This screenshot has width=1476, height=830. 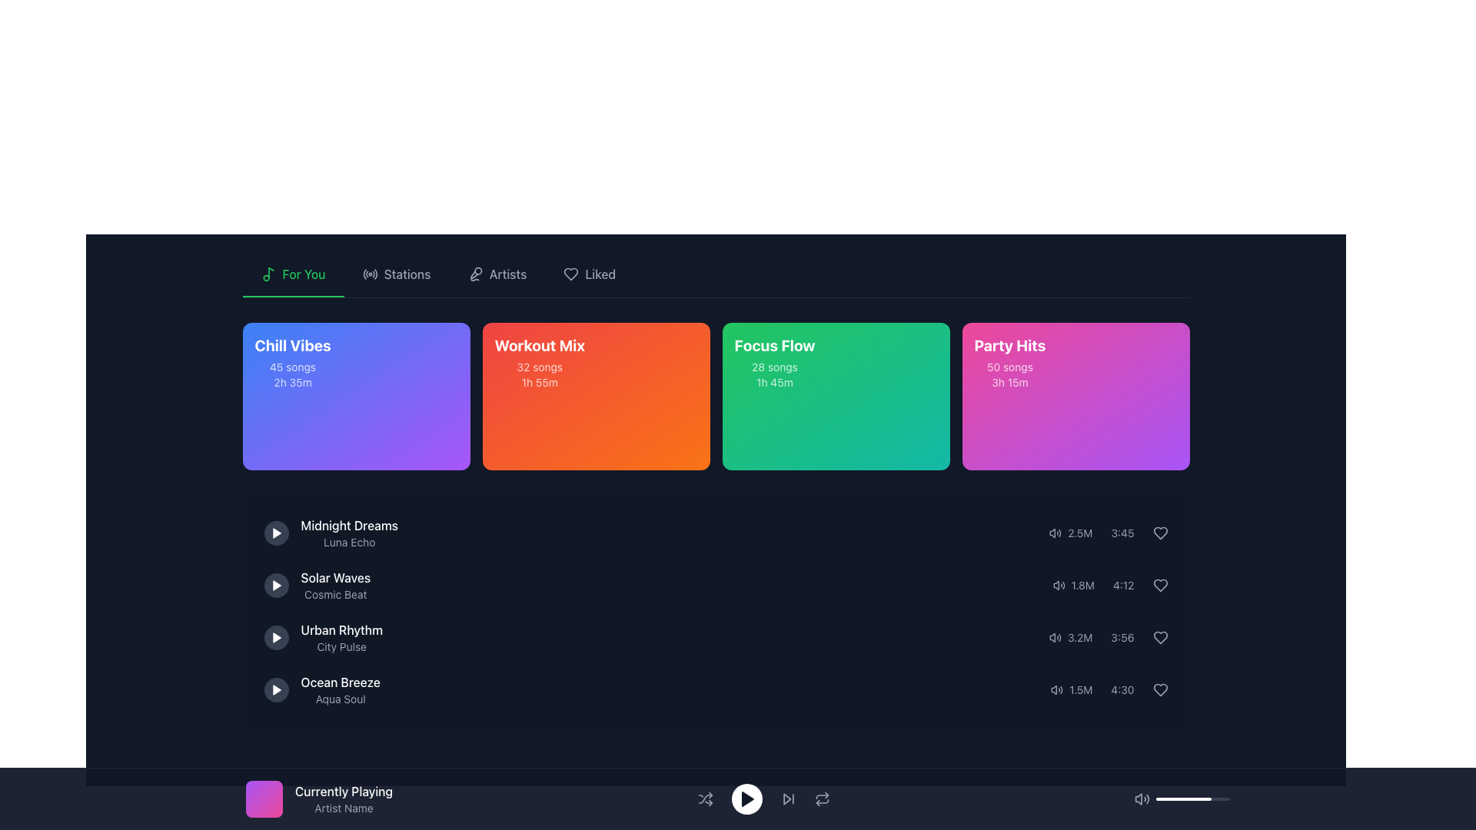 What do you see at coordinates (1164, 798) in the screenshot?
I see `the slider` at bounding box center [1164, 798].